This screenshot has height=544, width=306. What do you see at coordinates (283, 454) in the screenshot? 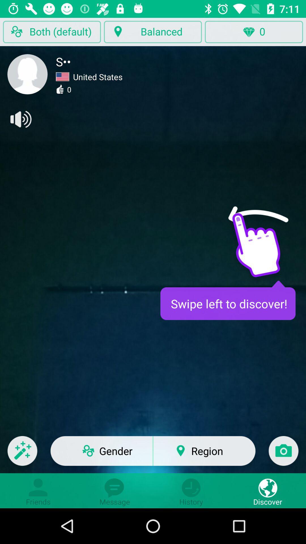
I see `the item to the right of region` at bounding box center [283, 454].